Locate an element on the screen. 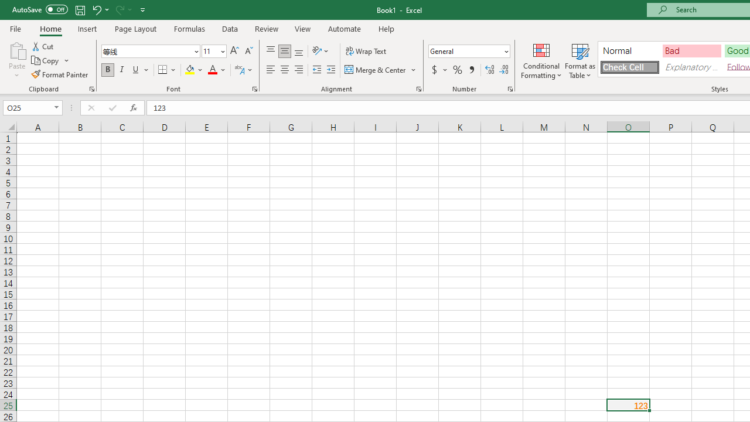 This screenshot has width=750, height=422. 'Show Phonetic Field' is located at coordinates (238, 70).